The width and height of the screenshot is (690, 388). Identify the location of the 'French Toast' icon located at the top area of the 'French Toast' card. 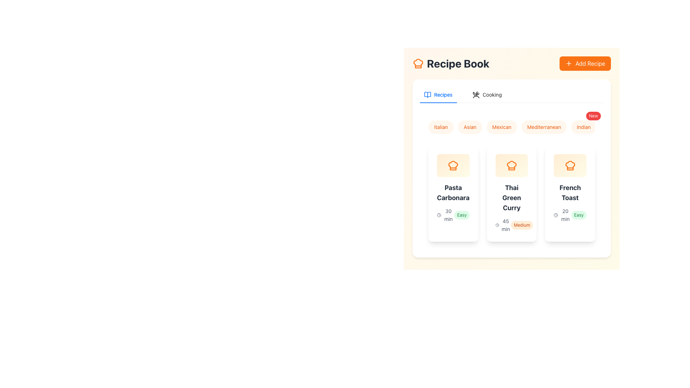
(570, 166).